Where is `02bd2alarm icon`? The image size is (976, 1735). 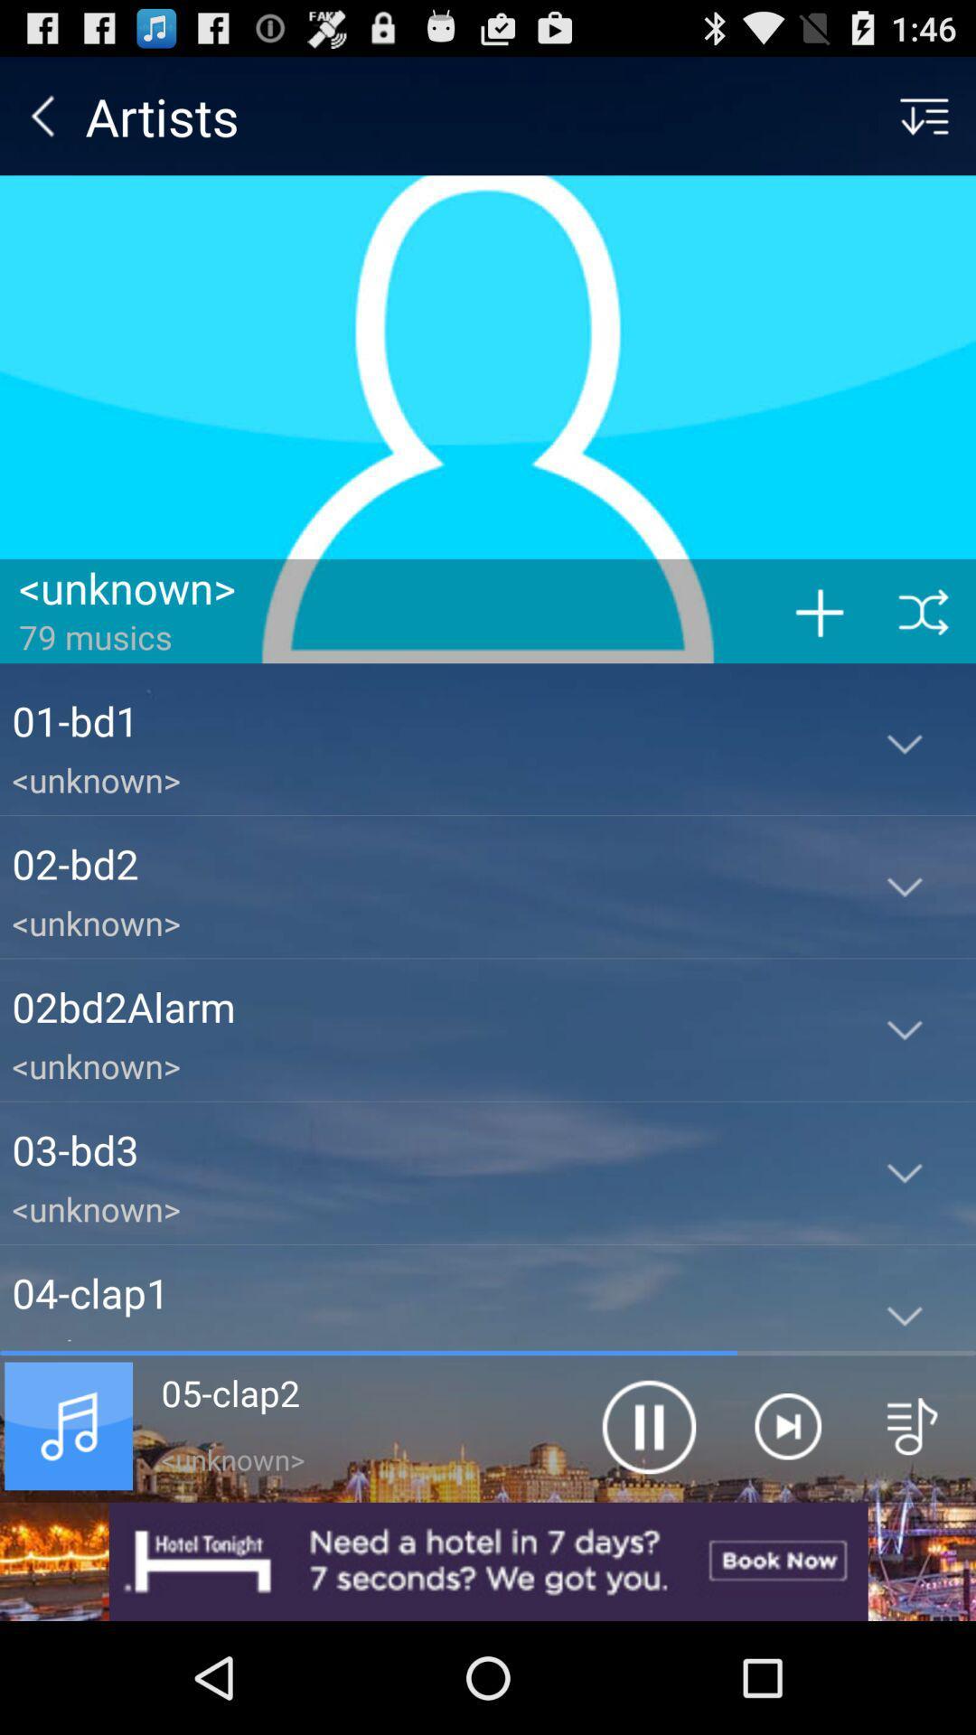
02bd2alarm icon is located at coordinates (422, 1006).